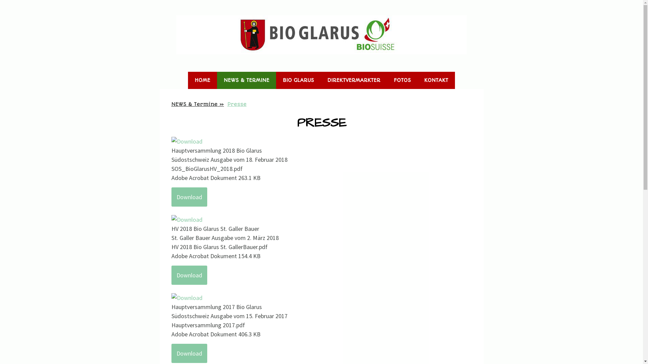 The height and width of the screenshot is (364, 648). What do you see at coordinates (197, 104) in the screenshot?
I see `'NEWS & Termine'` at bounding box center [197, 104].